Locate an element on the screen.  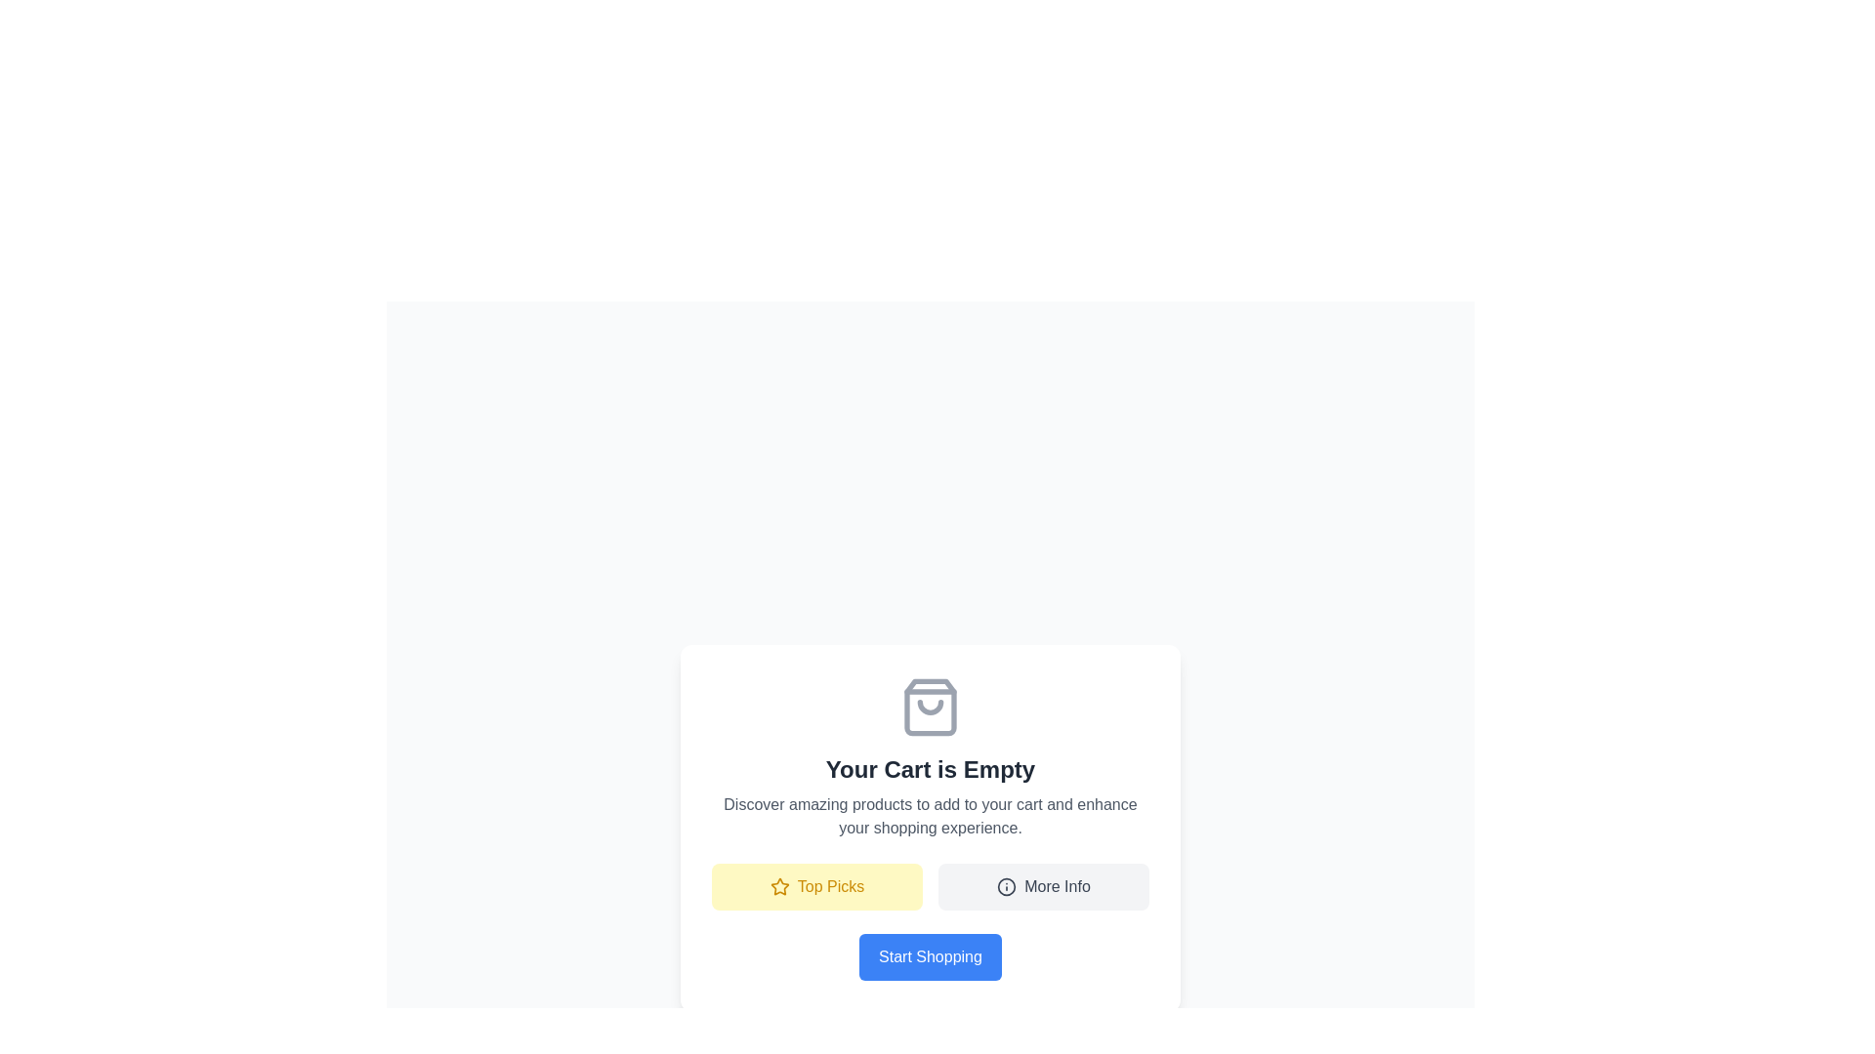
the button with a yellow background labeled 'Top Picks' is located at coordinates (816, 887).